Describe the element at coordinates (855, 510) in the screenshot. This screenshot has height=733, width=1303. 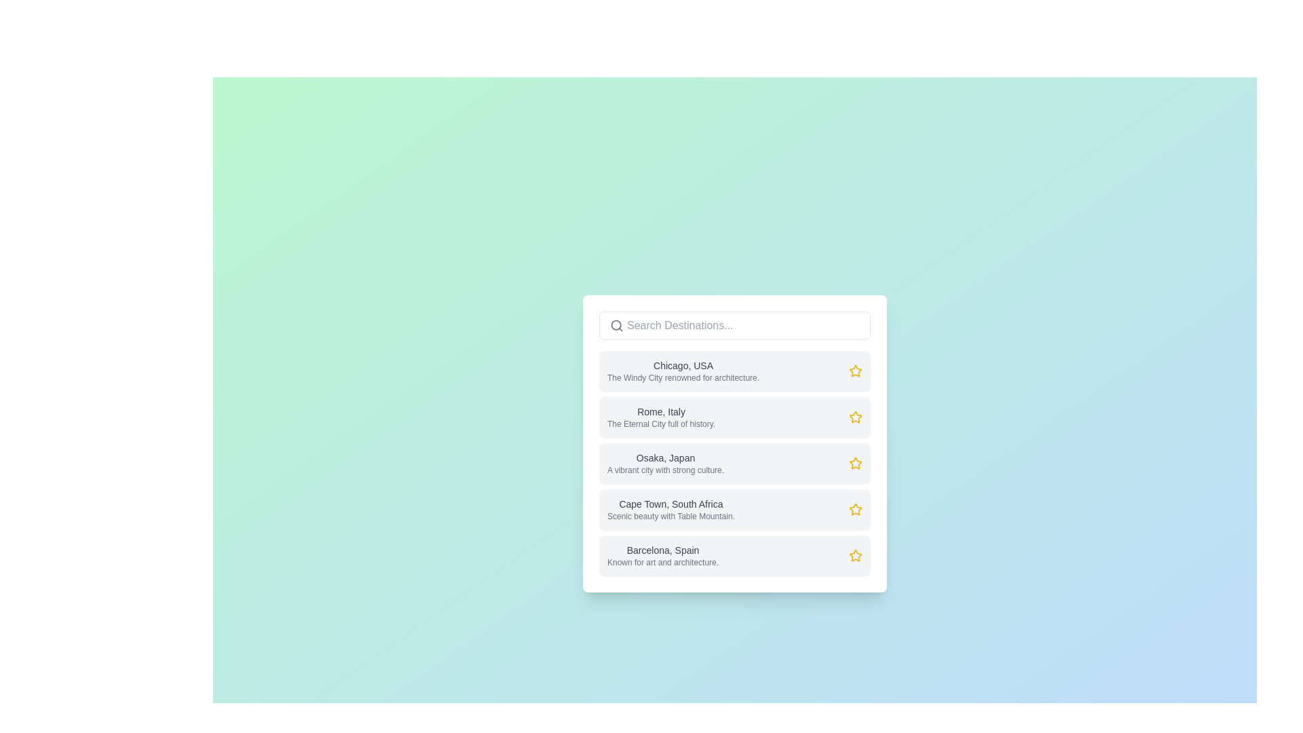
I see `the Star icon button in the fourth row of the destination list, which allows users to mark 'Cape Town, South Africa' as a favorite` at that location.